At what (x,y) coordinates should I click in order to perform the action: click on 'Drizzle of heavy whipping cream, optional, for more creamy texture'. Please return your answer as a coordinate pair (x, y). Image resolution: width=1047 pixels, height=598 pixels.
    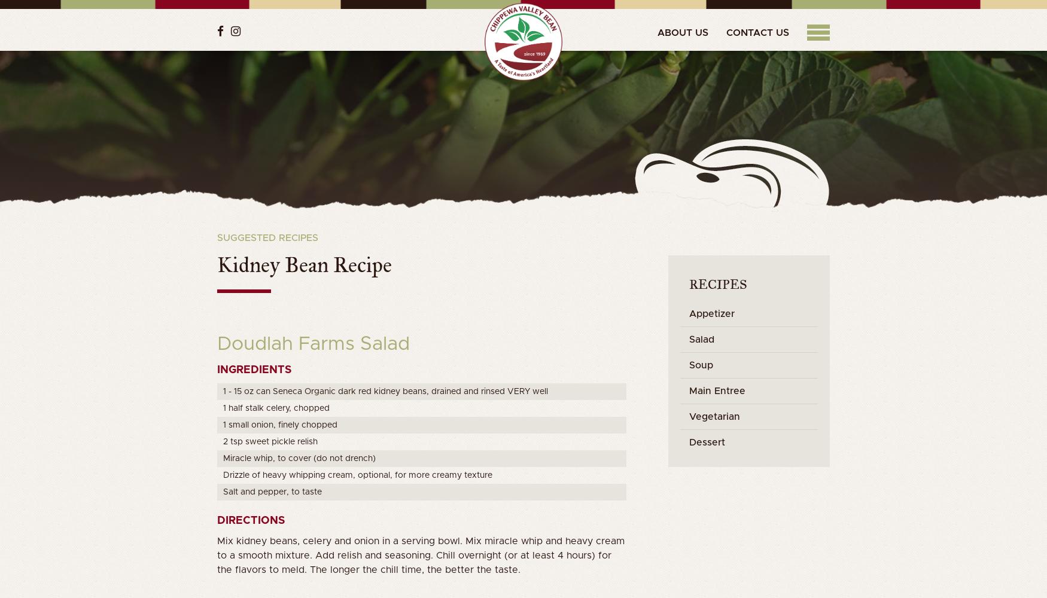
    Looking at the image, I should click on (357, 475).